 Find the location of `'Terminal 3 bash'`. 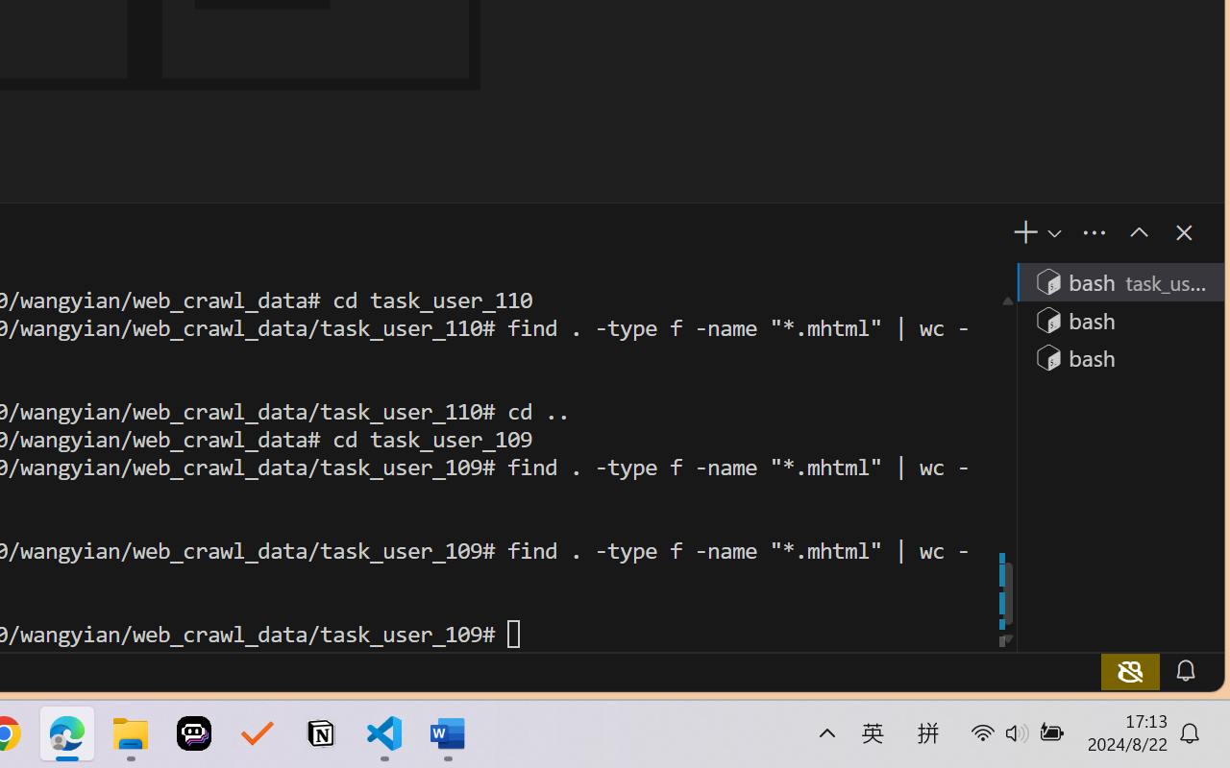

'Terminal 3 bash' is located at coordinates (1119, 356).